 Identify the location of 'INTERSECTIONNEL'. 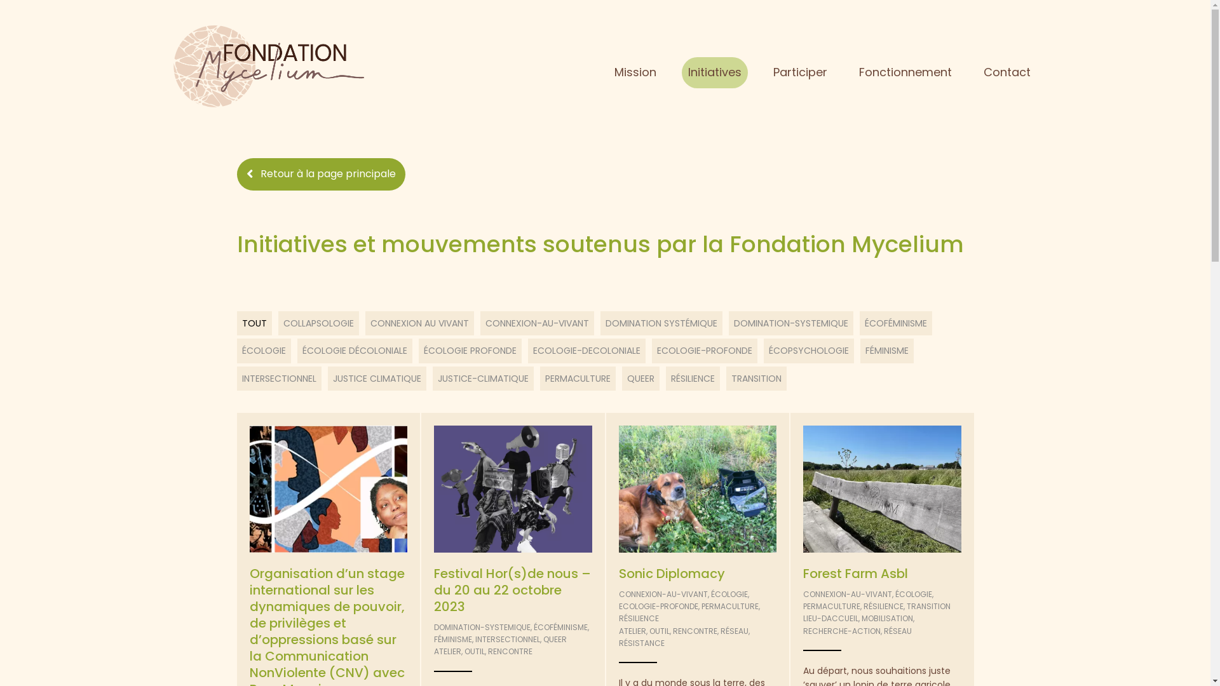
(475, 639).